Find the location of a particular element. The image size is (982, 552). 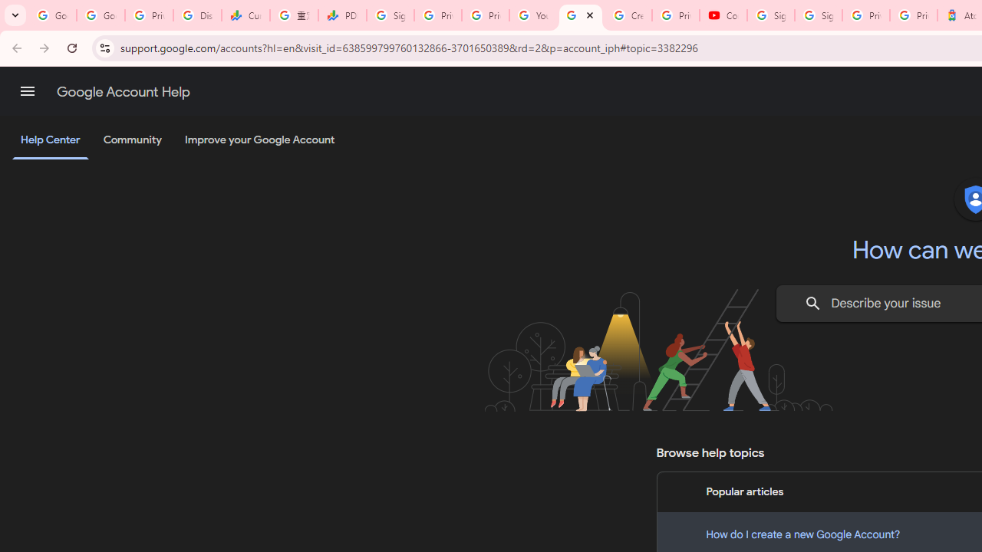

'Google Account Help' is located at coordinates (123, 91).